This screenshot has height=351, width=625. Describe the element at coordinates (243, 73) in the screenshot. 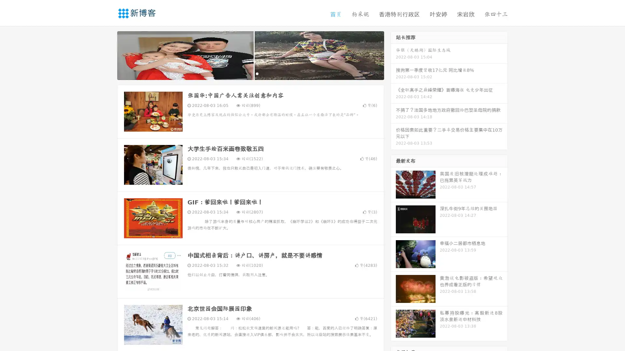

I see `Go to slide 1` at that location.